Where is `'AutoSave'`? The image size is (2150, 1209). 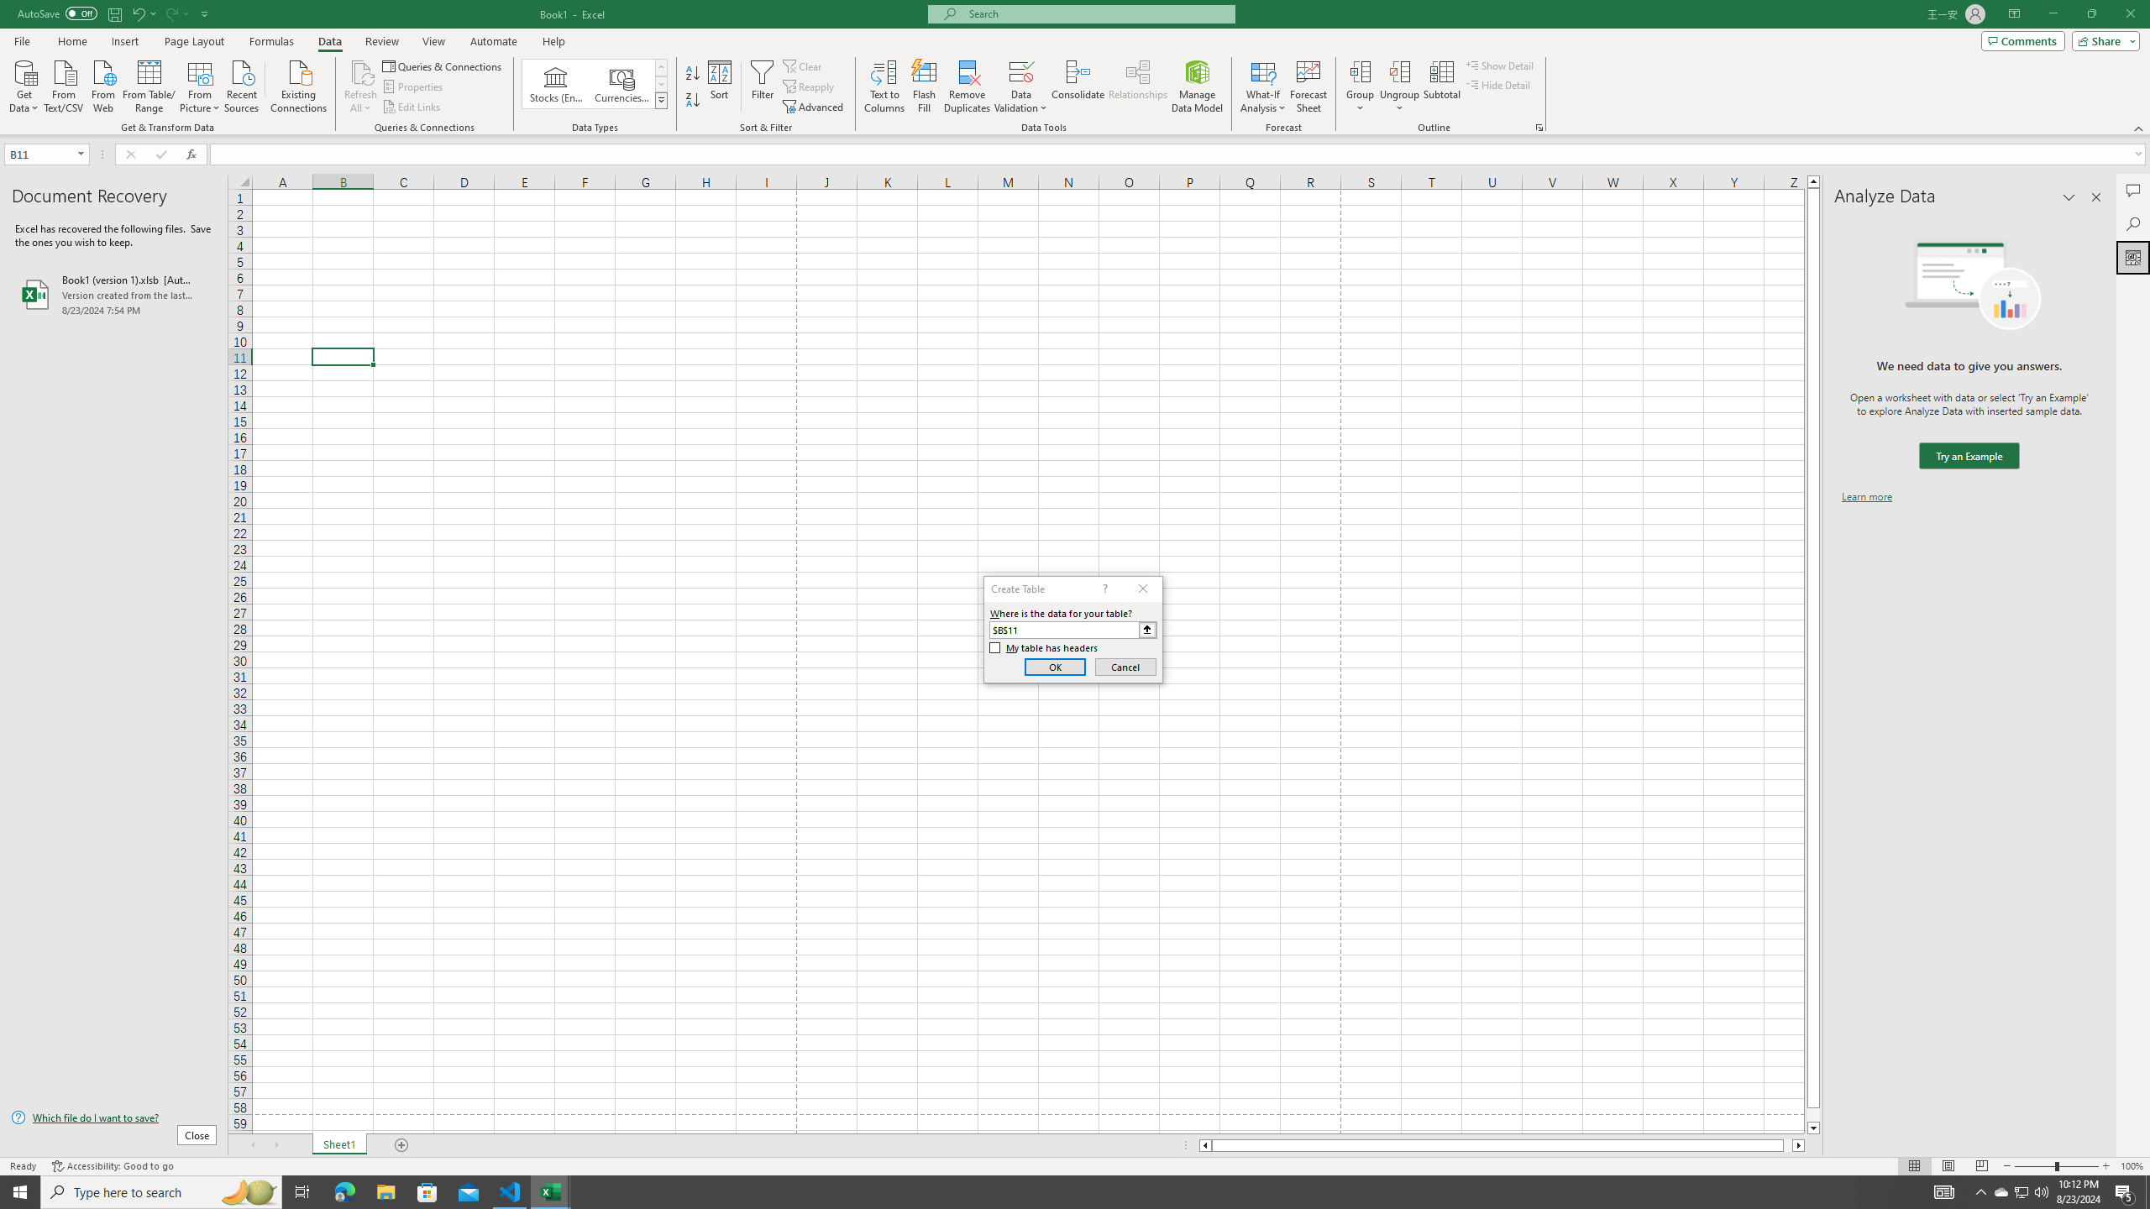
'AutoSave' is located at coordinates (58, 13).